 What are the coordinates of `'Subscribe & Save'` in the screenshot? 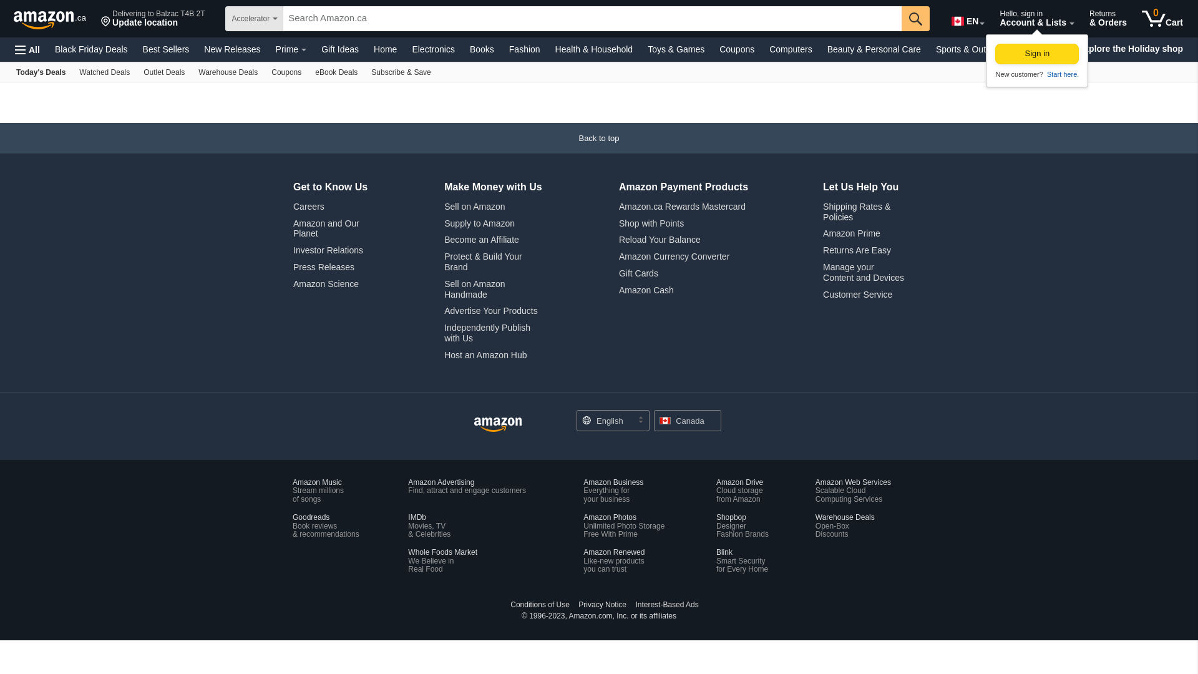 It's located at (364, 72).